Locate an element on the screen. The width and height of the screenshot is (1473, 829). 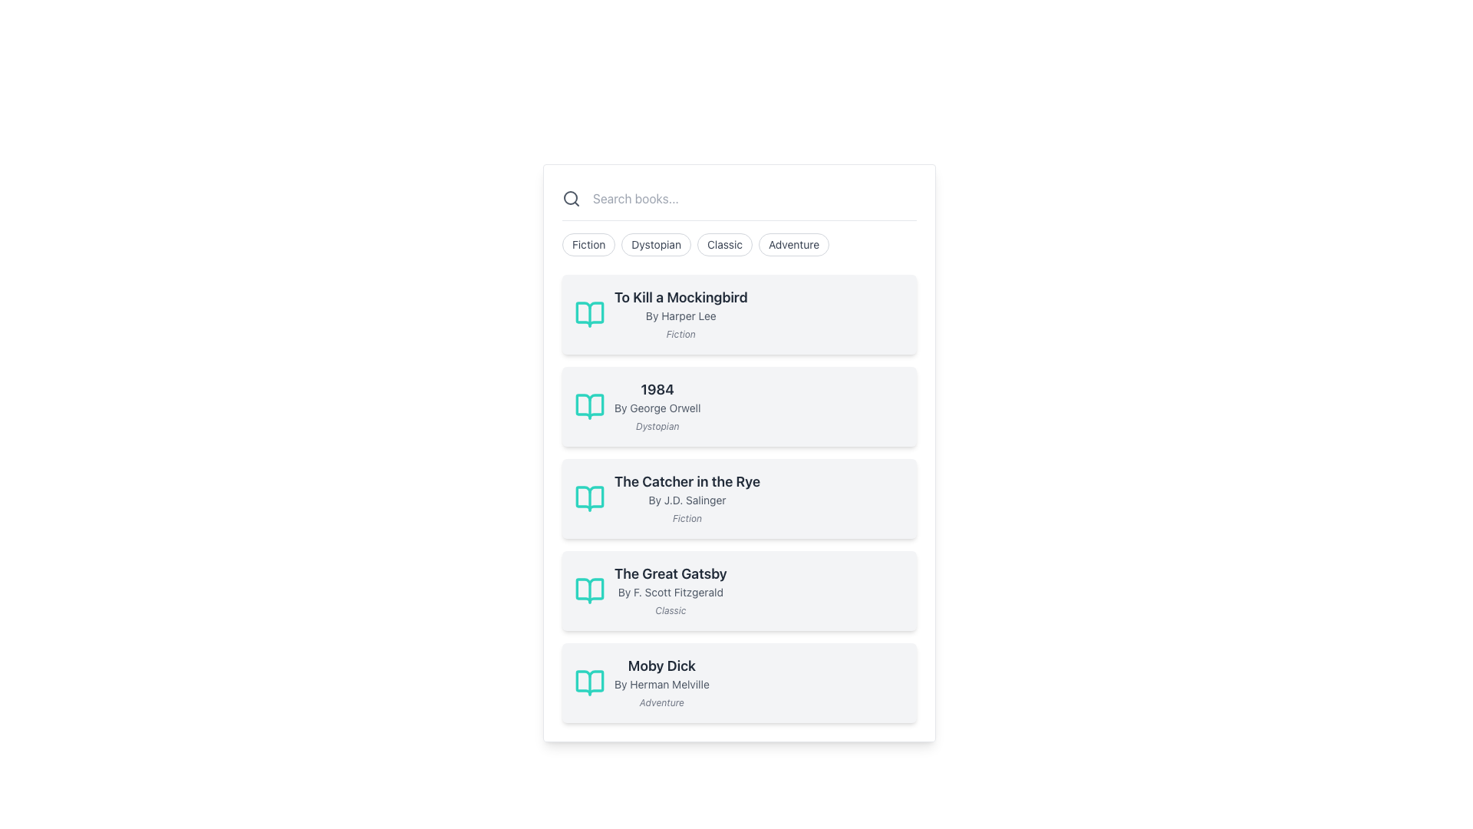
the stylized turquoise outlined book icon representing the book '1984', which is located in the left side of a card-like area near the accompanying text is located at coordinates (588, 405).